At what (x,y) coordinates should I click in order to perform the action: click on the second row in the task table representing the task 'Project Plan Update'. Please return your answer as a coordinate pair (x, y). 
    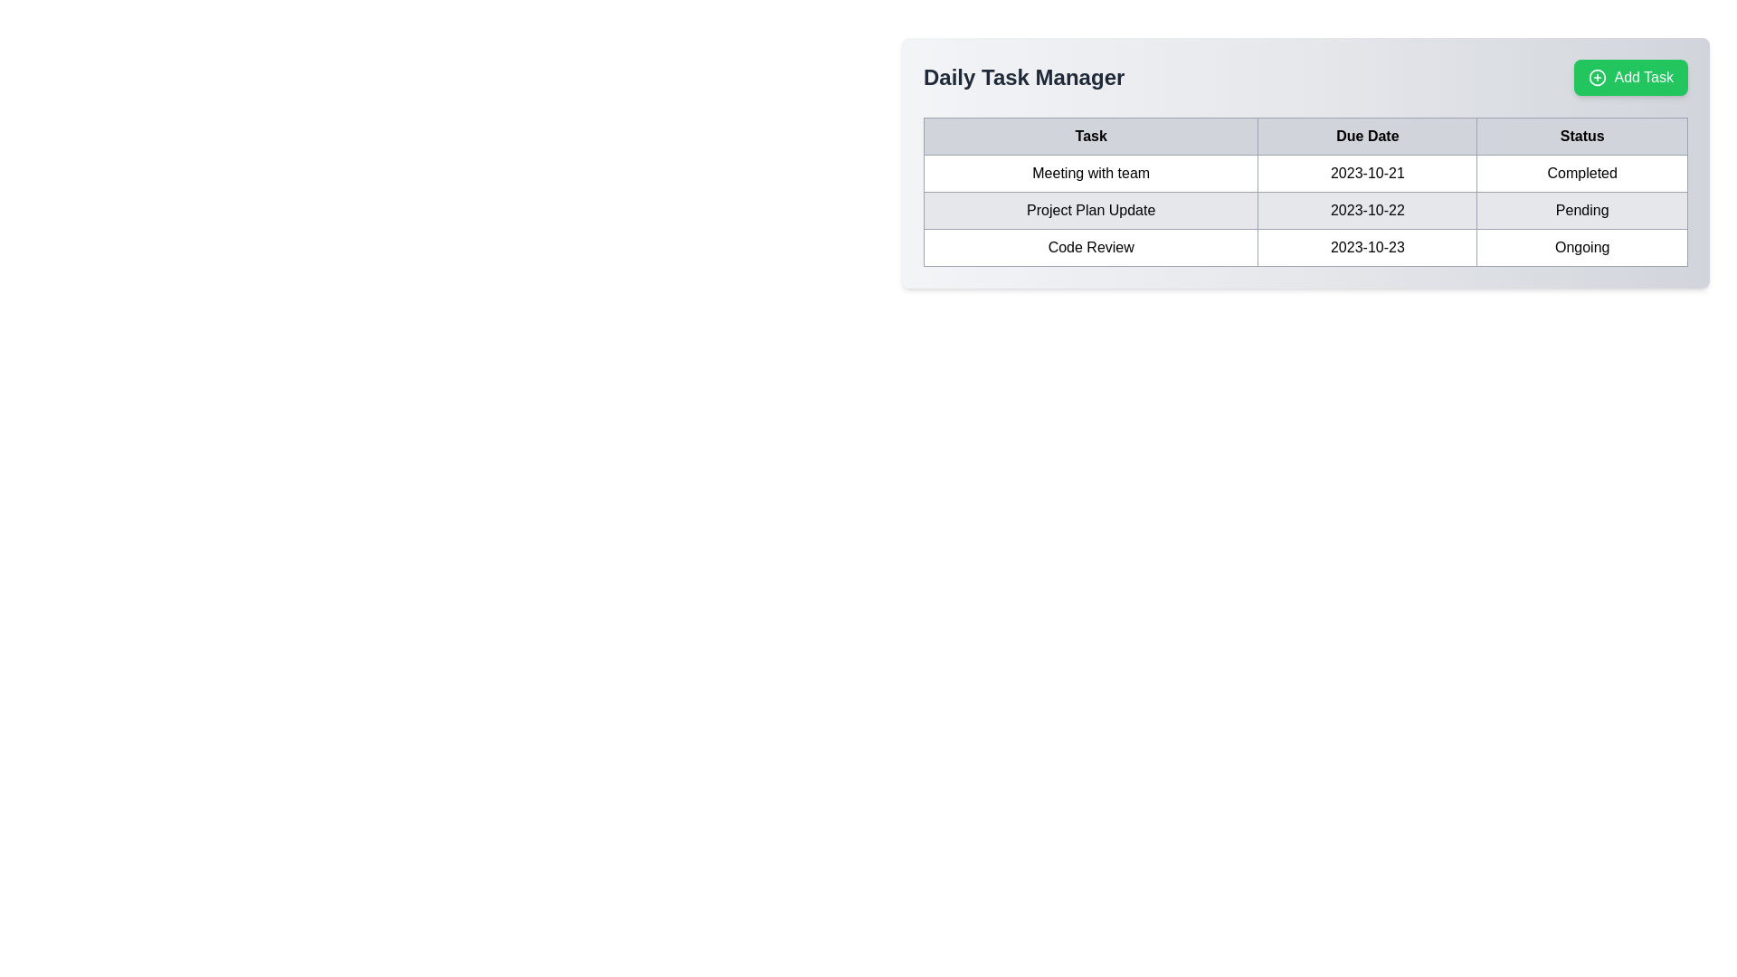
    Looking at the image, I should click on (1305, 209).